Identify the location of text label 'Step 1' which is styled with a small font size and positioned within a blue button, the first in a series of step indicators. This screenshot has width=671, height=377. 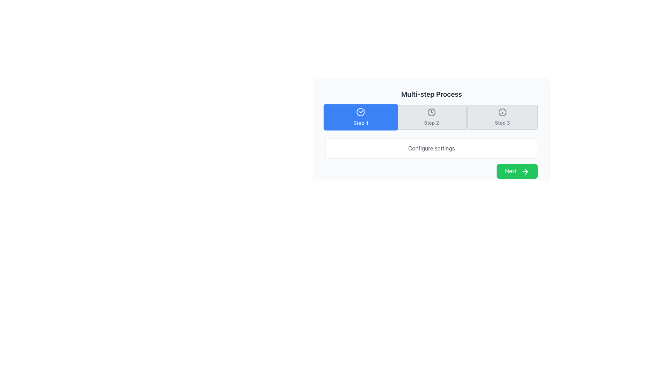
(361, 123).